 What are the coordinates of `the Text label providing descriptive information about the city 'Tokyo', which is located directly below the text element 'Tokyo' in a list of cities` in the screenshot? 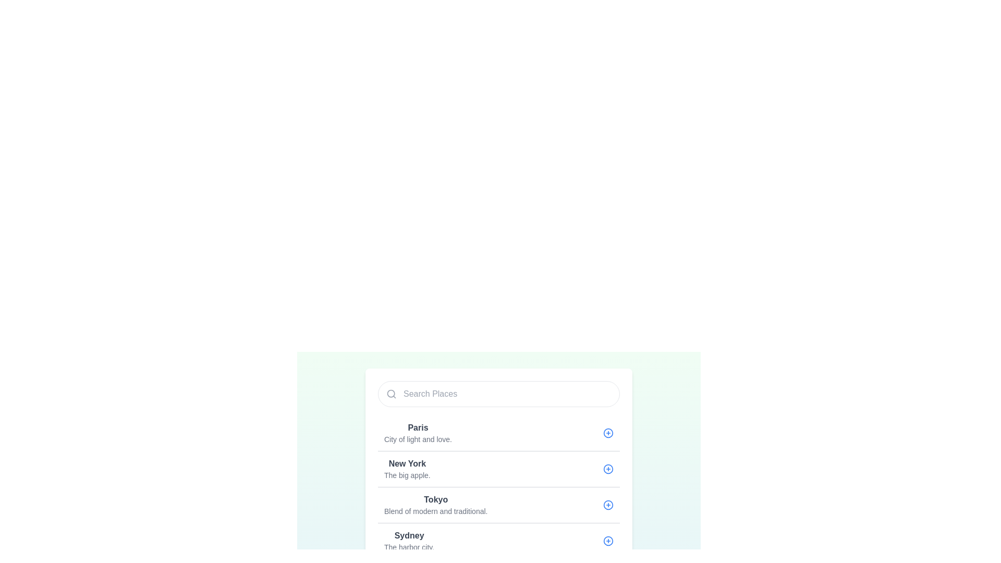 It's located at (436, 510).